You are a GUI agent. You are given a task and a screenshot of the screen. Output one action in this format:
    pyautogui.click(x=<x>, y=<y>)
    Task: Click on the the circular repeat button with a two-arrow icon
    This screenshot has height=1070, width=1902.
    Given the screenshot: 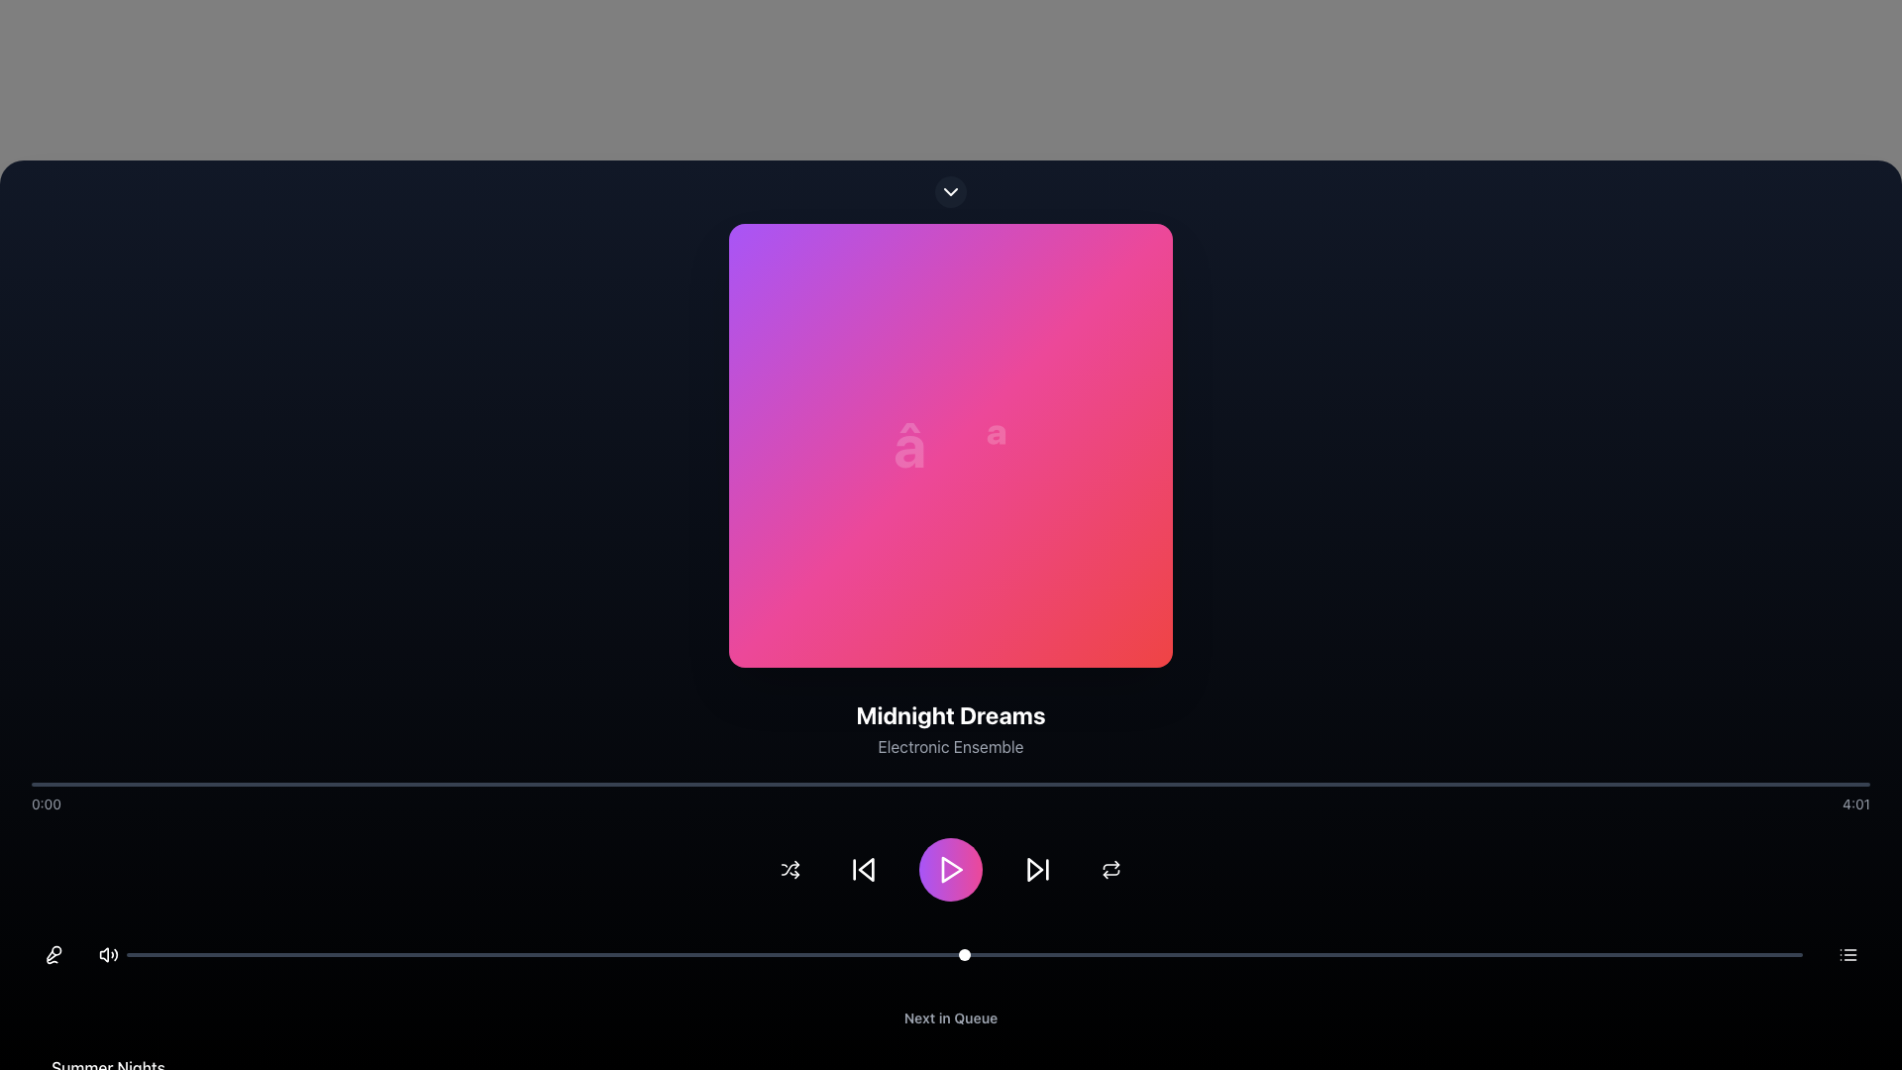 What is the action you would take?
    pyautogui.click(x=1111, y=869)
    